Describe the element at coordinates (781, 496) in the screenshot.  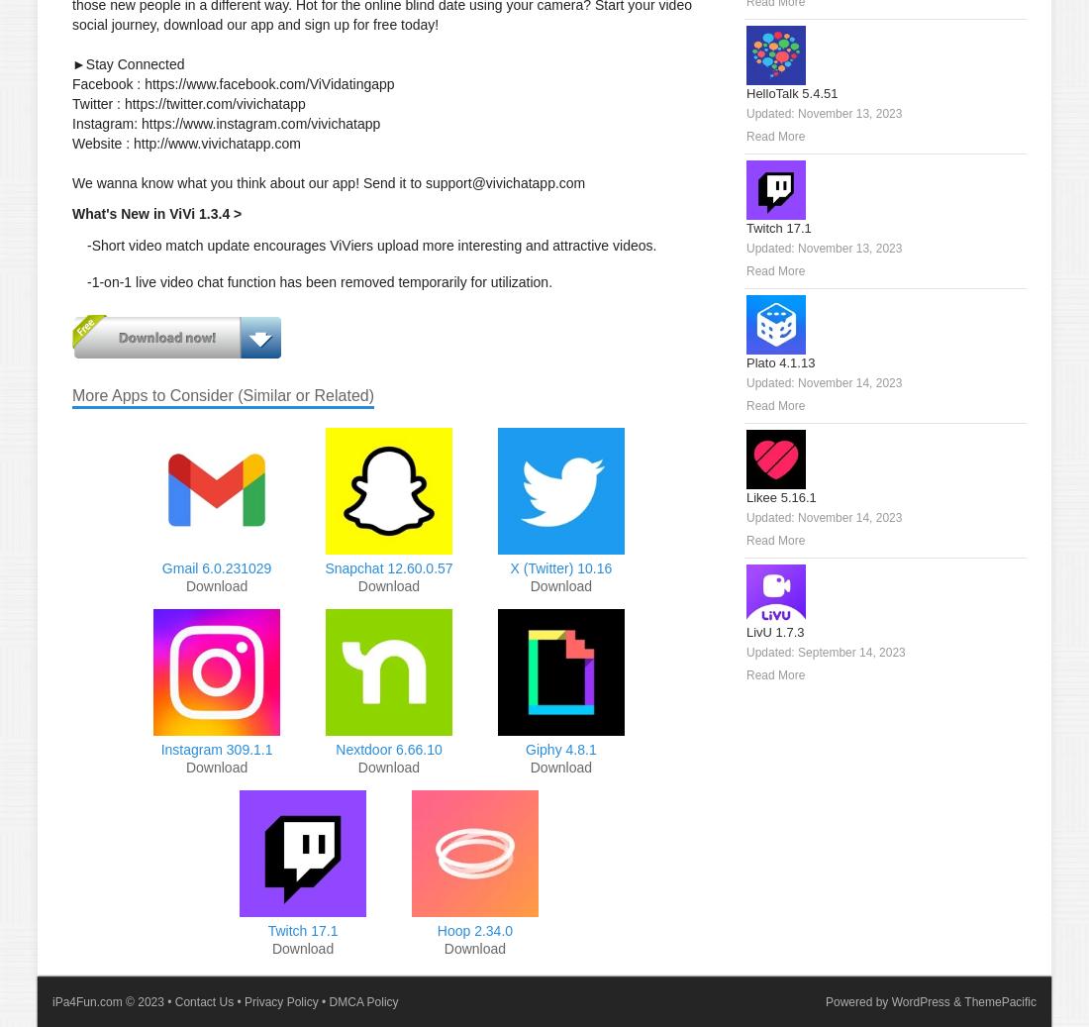
I see `'Likee 5.16.1'` at that location.